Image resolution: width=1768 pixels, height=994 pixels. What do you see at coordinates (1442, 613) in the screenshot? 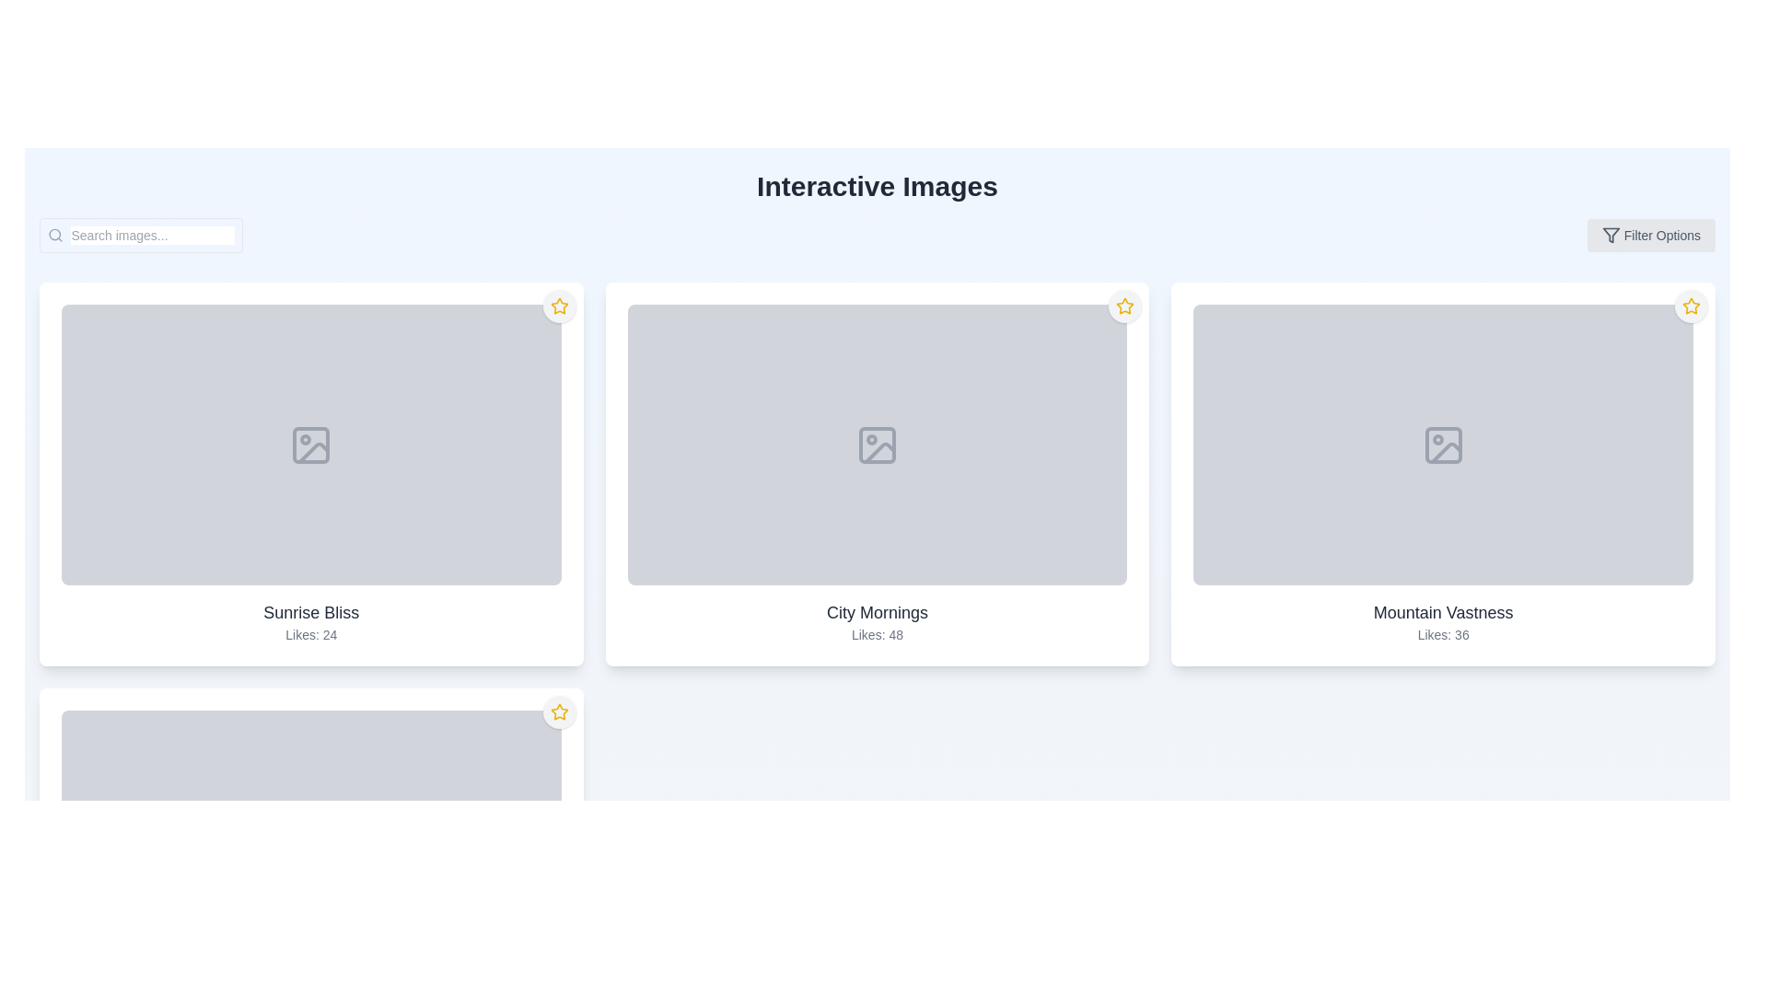
I see `the Text Label that identifies the 'Mountain Vastness' item, which is located beneath the placeholder image and above the 'Likes: 36' label` at bounding box center [1442, 613].